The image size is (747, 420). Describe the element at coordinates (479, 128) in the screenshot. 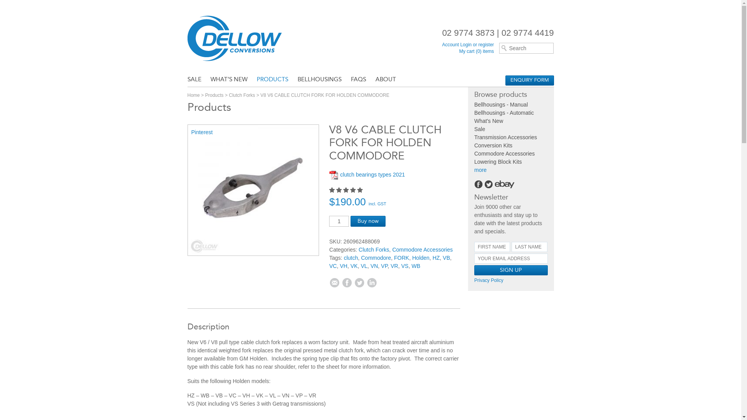

I see `'Sale'` at that location.